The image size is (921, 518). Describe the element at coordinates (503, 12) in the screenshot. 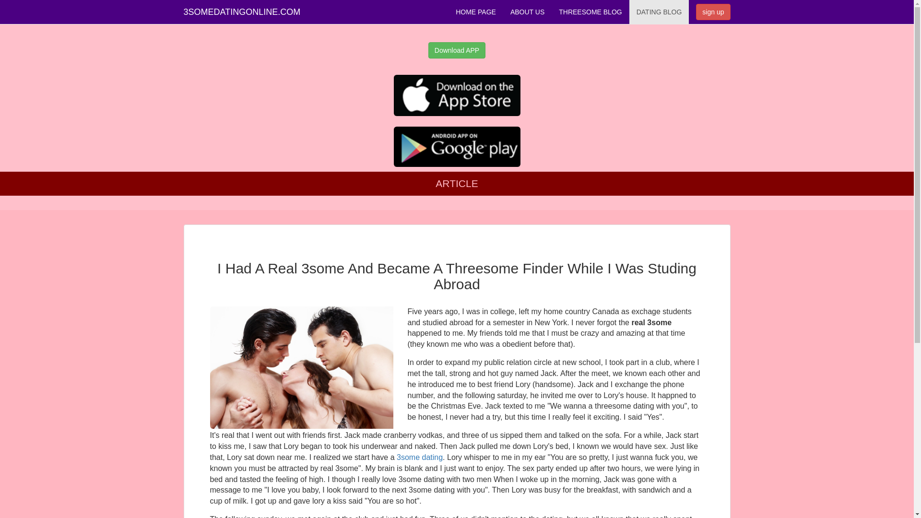

I see `'ABOUT US'` at that location.